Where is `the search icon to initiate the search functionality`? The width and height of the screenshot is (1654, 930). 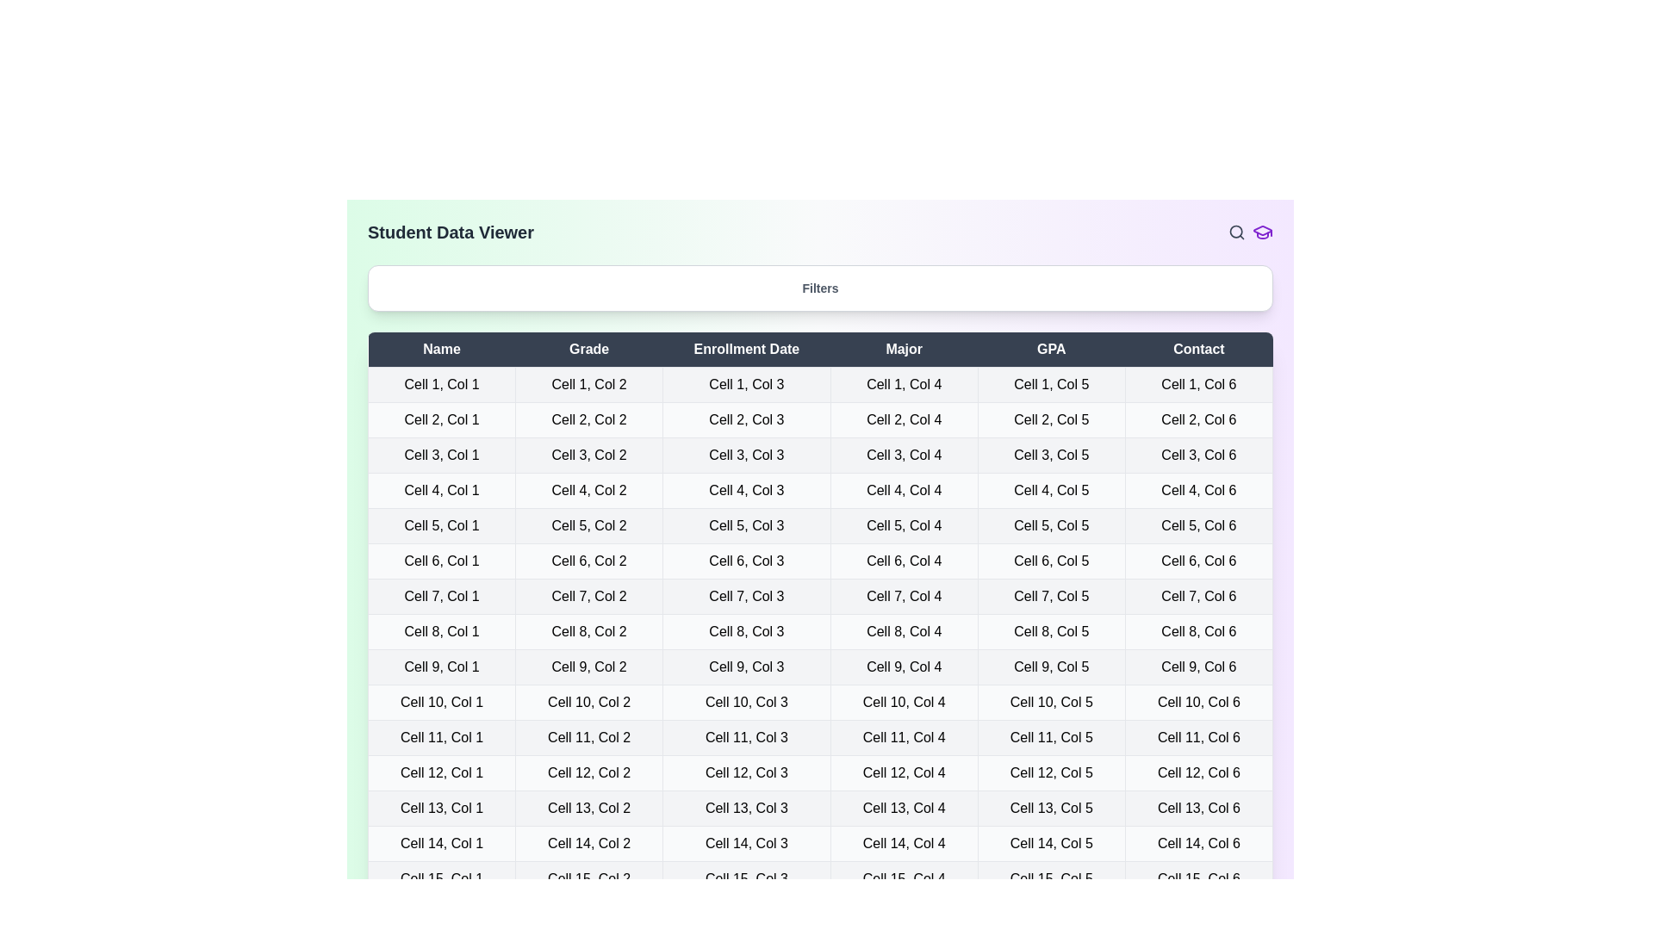 the search icon to initiate the search functionality is located at coordinates (1235, 232).